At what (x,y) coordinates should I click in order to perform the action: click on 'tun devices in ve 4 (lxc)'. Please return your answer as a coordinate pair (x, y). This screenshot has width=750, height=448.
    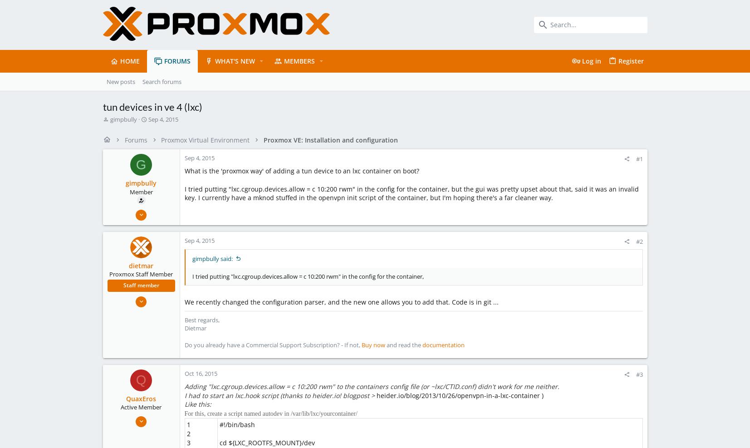
    Looking at the image, I should click on (152, 106).